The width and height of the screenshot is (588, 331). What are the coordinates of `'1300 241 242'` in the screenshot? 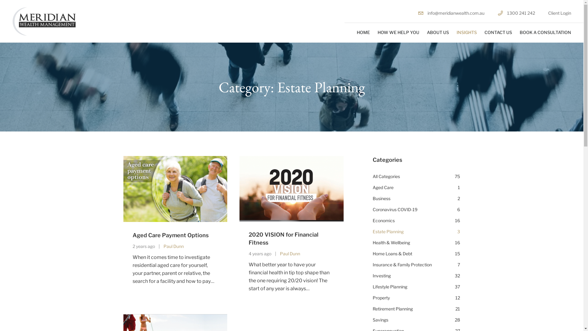 It's located at (516, 13).